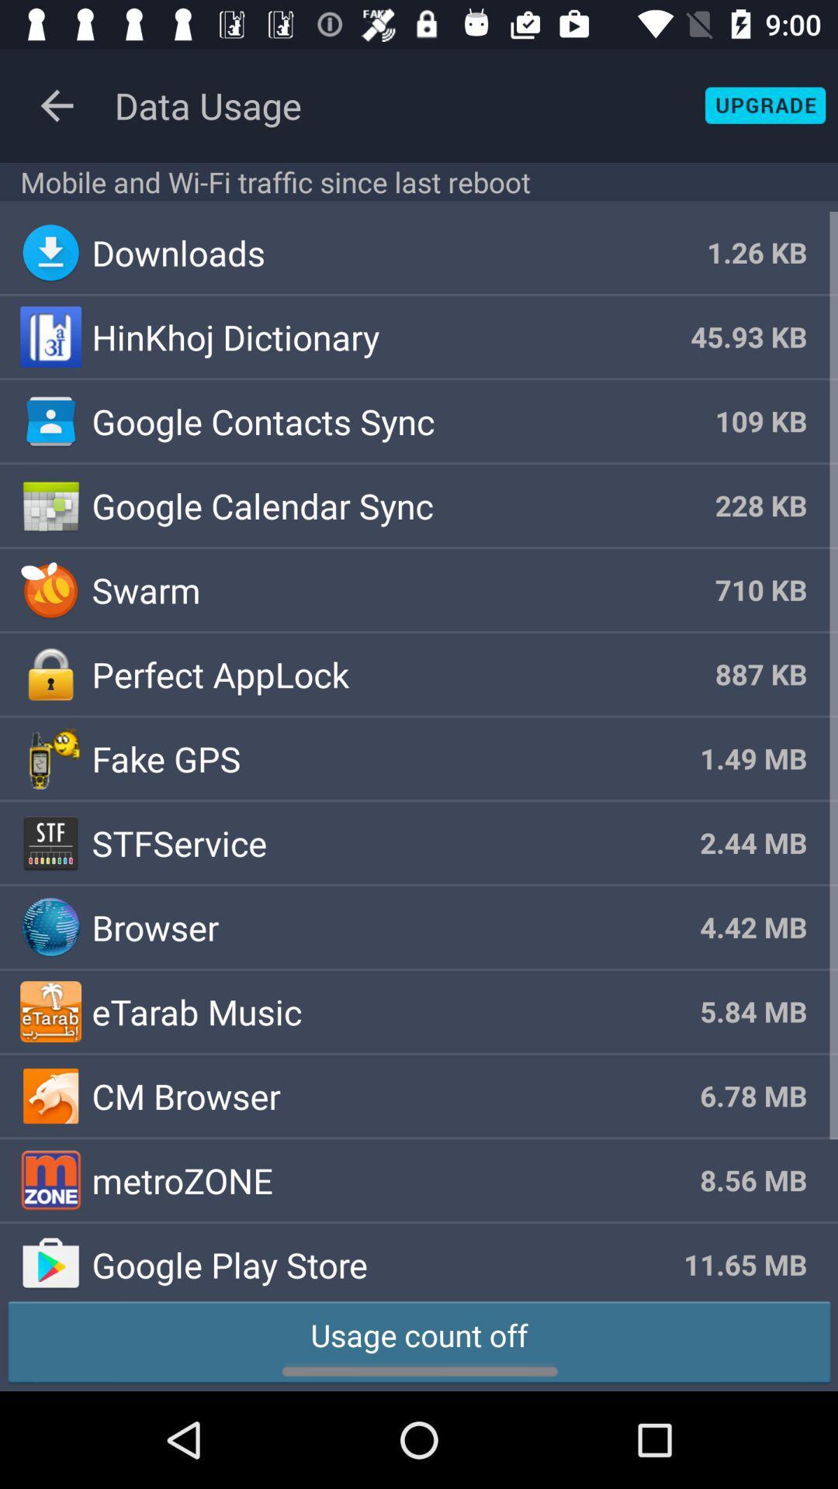  I want to click on upgrade, so click(764, 105).